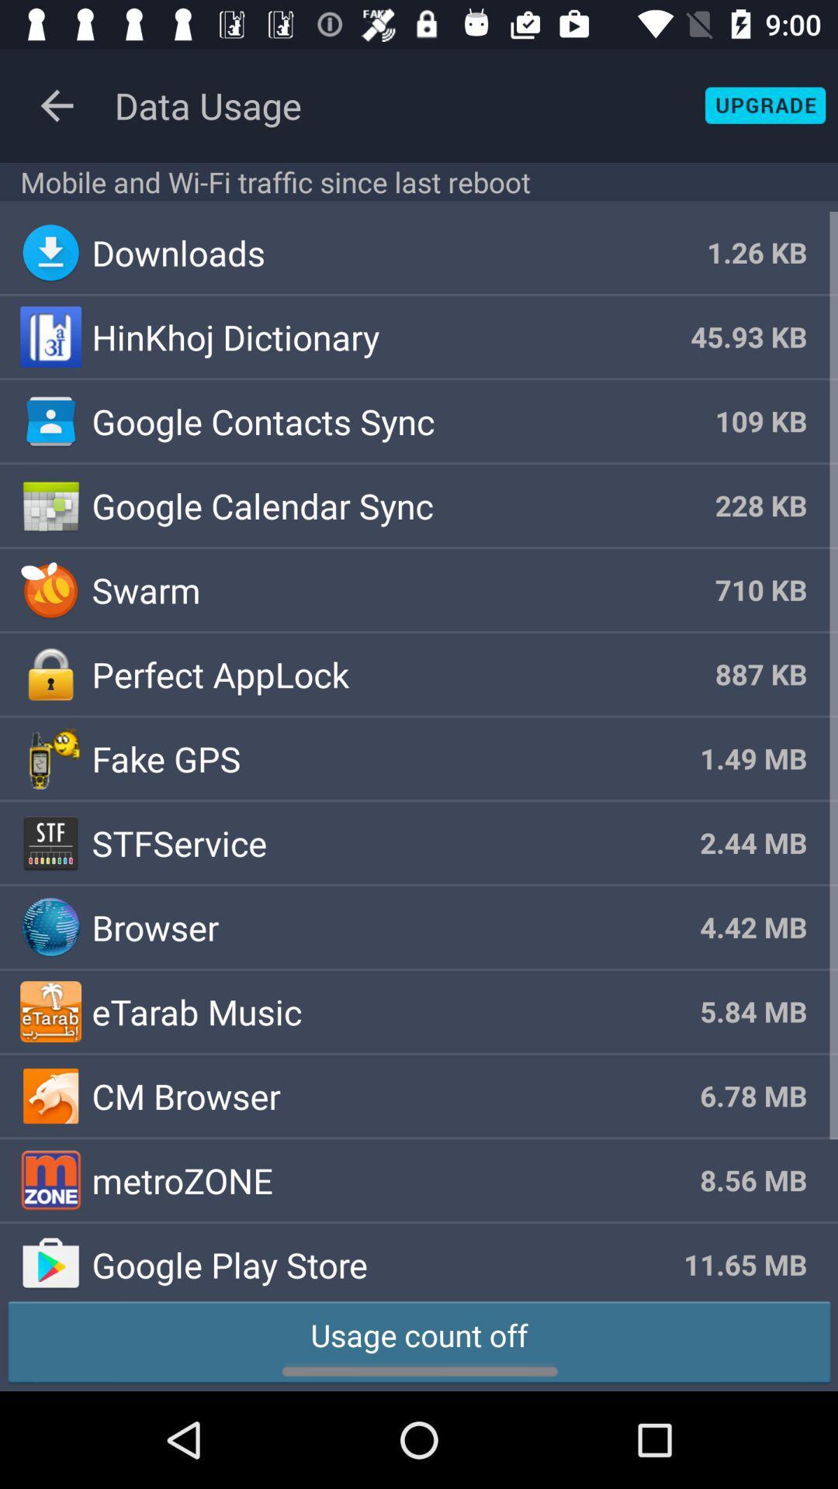  I want to click on upgrade, so click(764, 105).